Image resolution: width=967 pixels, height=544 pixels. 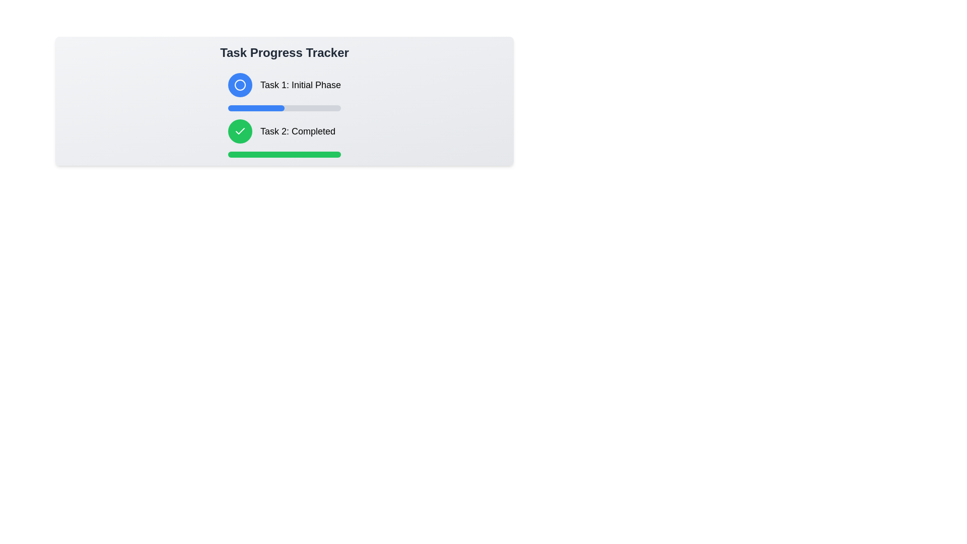 I want to click on the text label that displays 'Task 2: Completed', which is styled in a medium-sized, bold font and is located to the right of a green circular icon with a checkmark in the task progress widget, so click(x=297, y=131).